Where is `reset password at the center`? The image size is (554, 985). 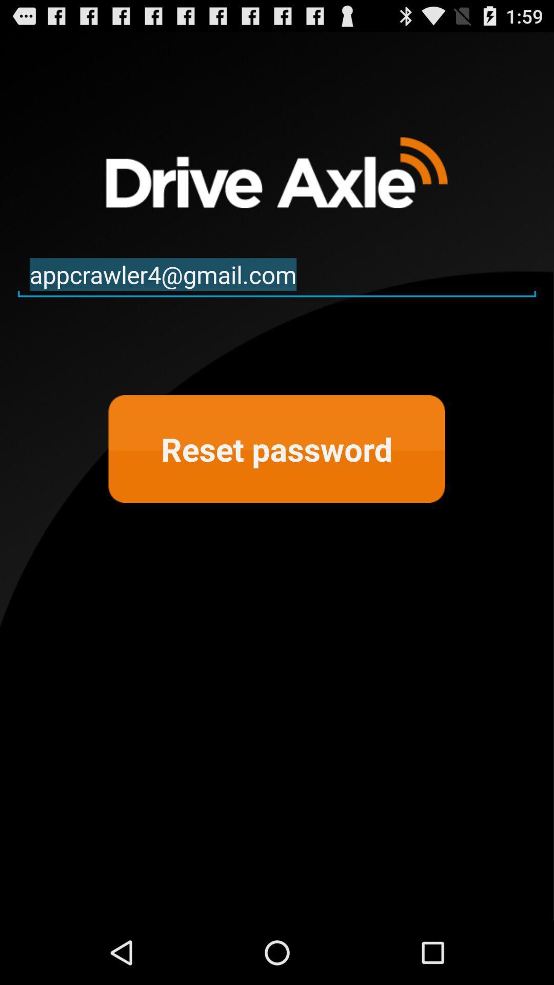
reset password at the center is located at coordinates (276, 449).